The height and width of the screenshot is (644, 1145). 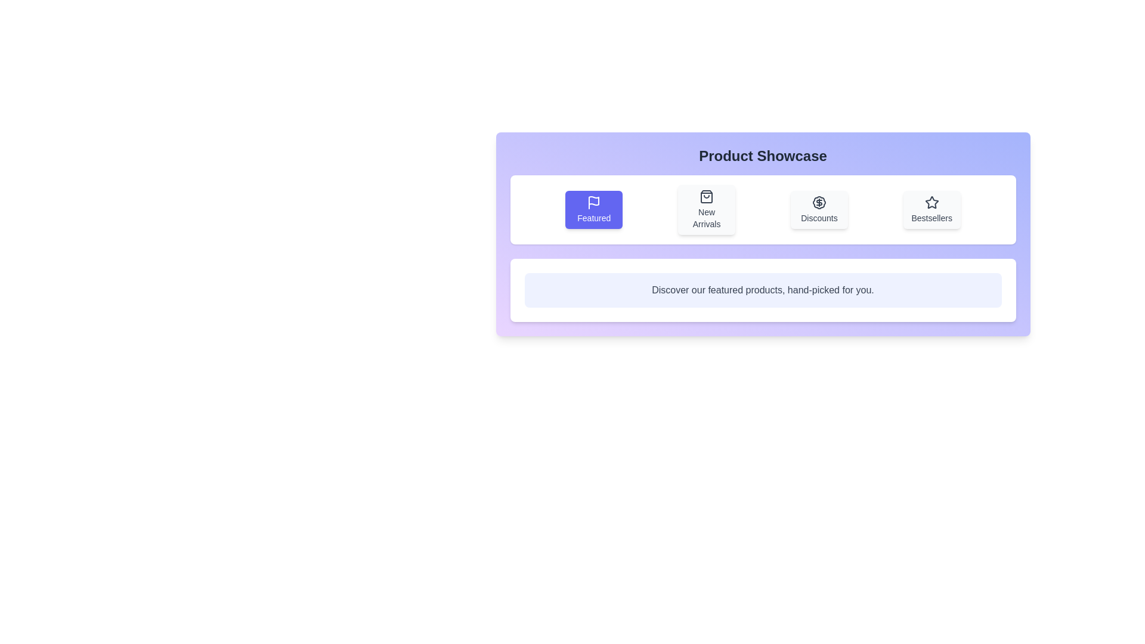 I want to click on the shopping bag icon in the 'New Arrivals' category, so click(x=707, y=196).